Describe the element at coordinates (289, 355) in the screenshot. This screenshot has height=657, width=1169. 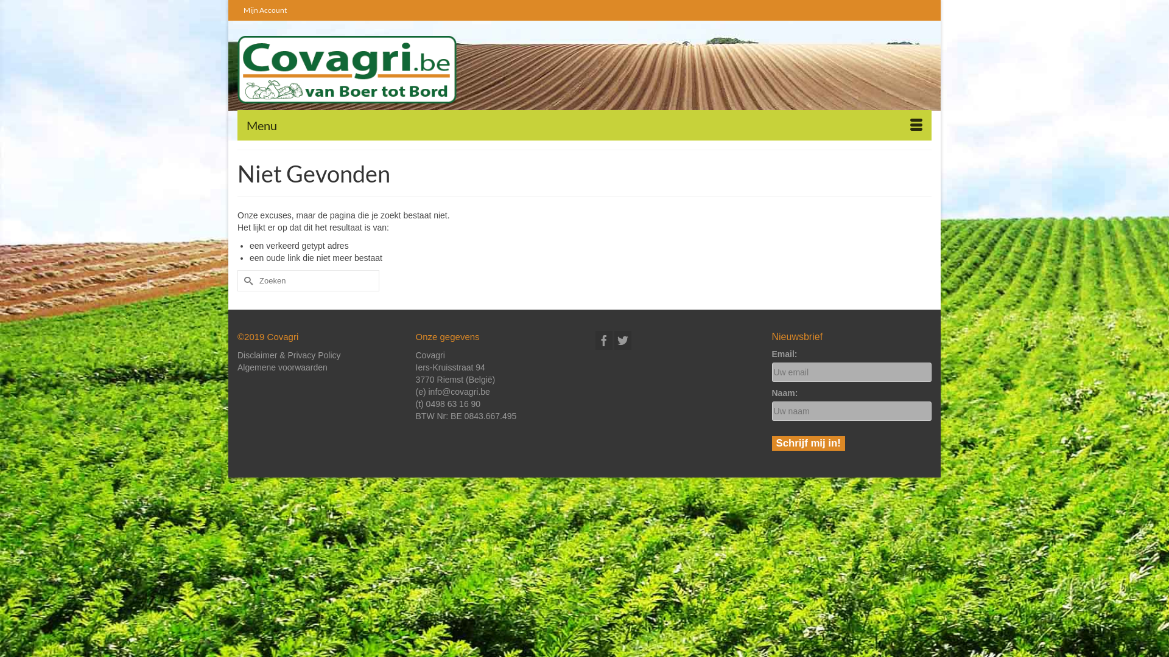
I see `'Disclaimer & Privacy Policy'` at that location.